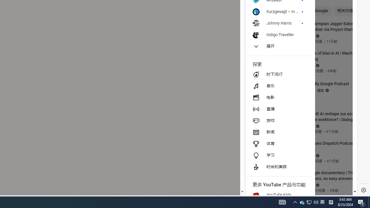  I want to click on 'YouTube', so click(299, 125).